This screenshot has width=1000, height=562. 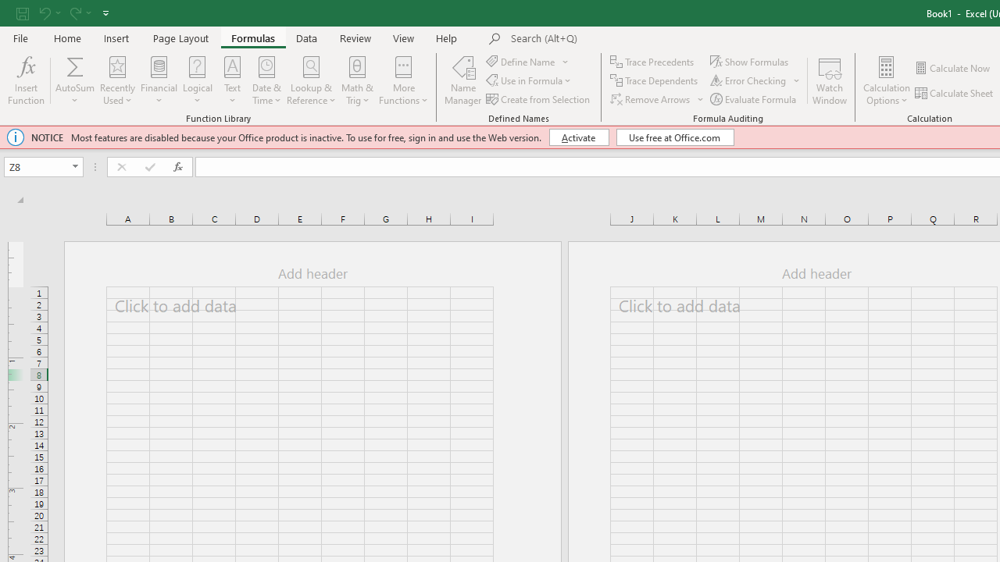 I want to click on 'Recently Used', so click(x=117, y=80).